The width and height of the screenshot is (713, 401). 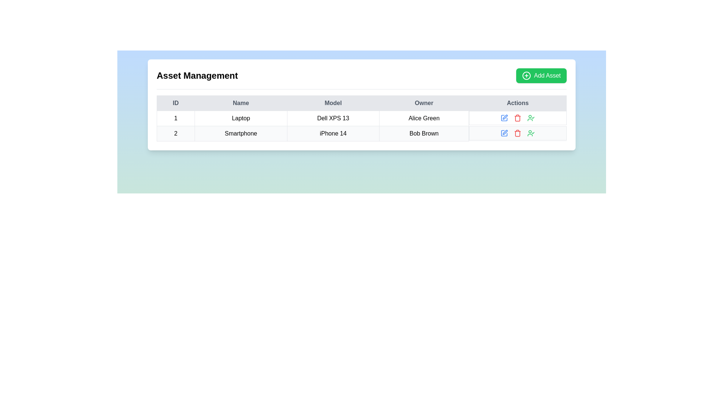 I want to click on the interactive buttons in the 'Actions' column of the second row in the 'Asset Management' table, so click(x=517, y=133).